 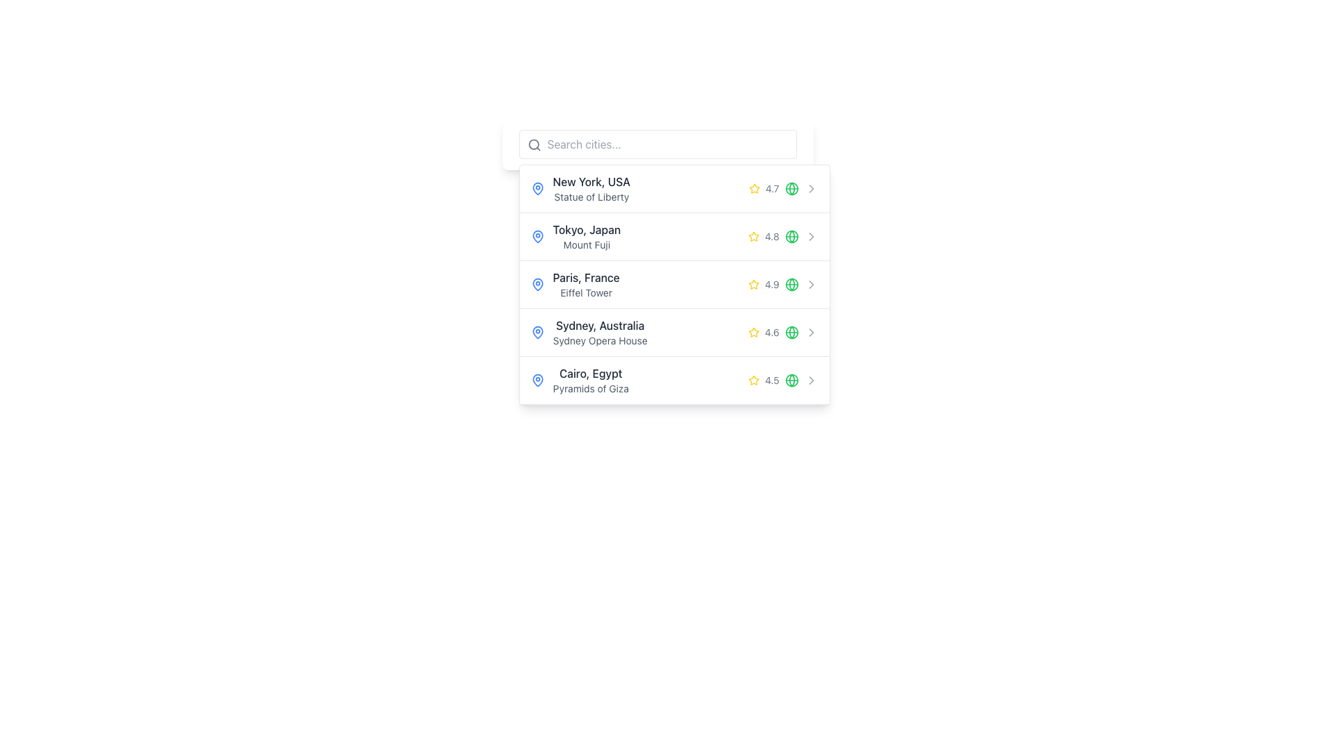 What do you see at coordinates (771, 235) in the screenshot?
I see `the Text label displaying the user rating '4.8' for the 'Tokyo, Japan' entry, which is located adjacent to the yellow star icon and before the green globe icon` at bounding box center [771, 235].